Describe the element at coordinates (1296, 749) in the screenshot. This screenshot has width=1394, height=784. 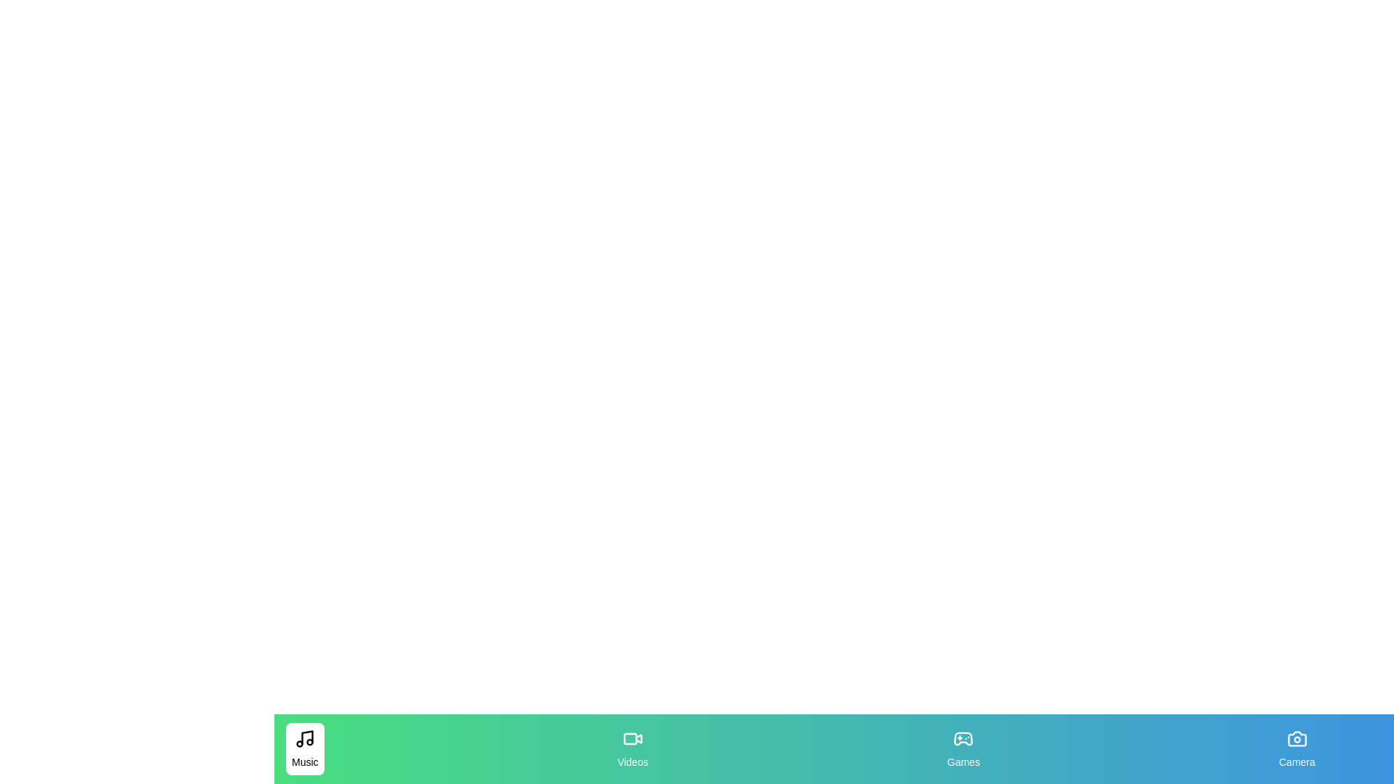
I see `the Camera tab to observe its hover effect` at that location.